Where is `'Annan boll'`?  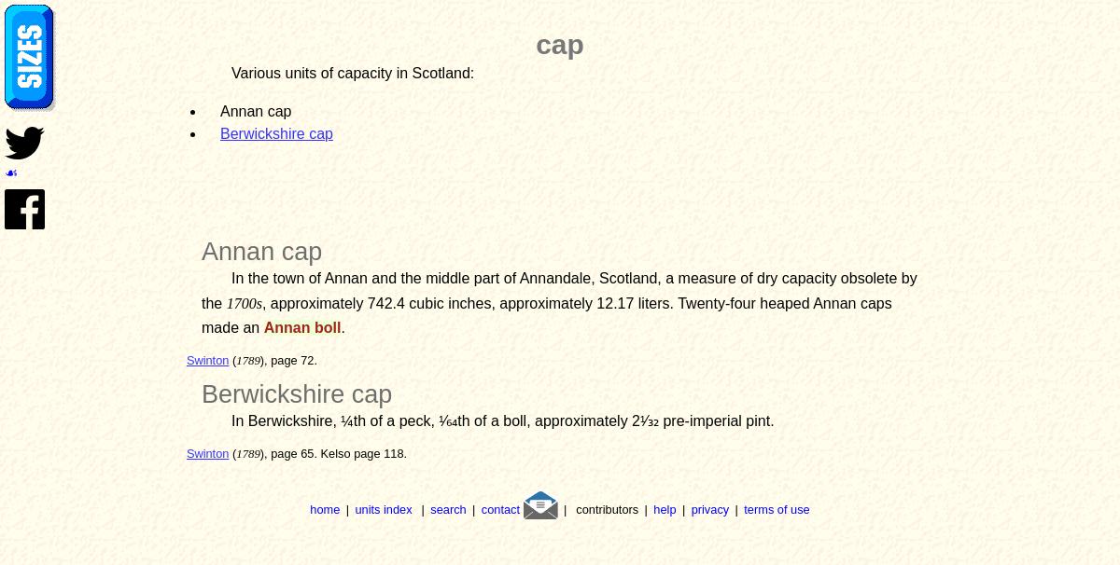
'Annan boll' is located at coordinates (301, 326).